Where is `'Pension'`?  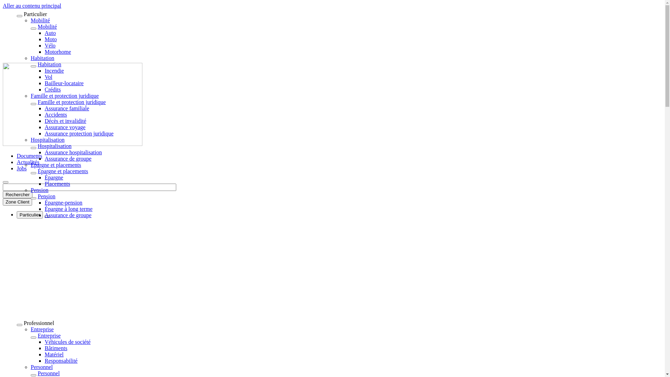
'Pension' is located at coordinates (37, 196).